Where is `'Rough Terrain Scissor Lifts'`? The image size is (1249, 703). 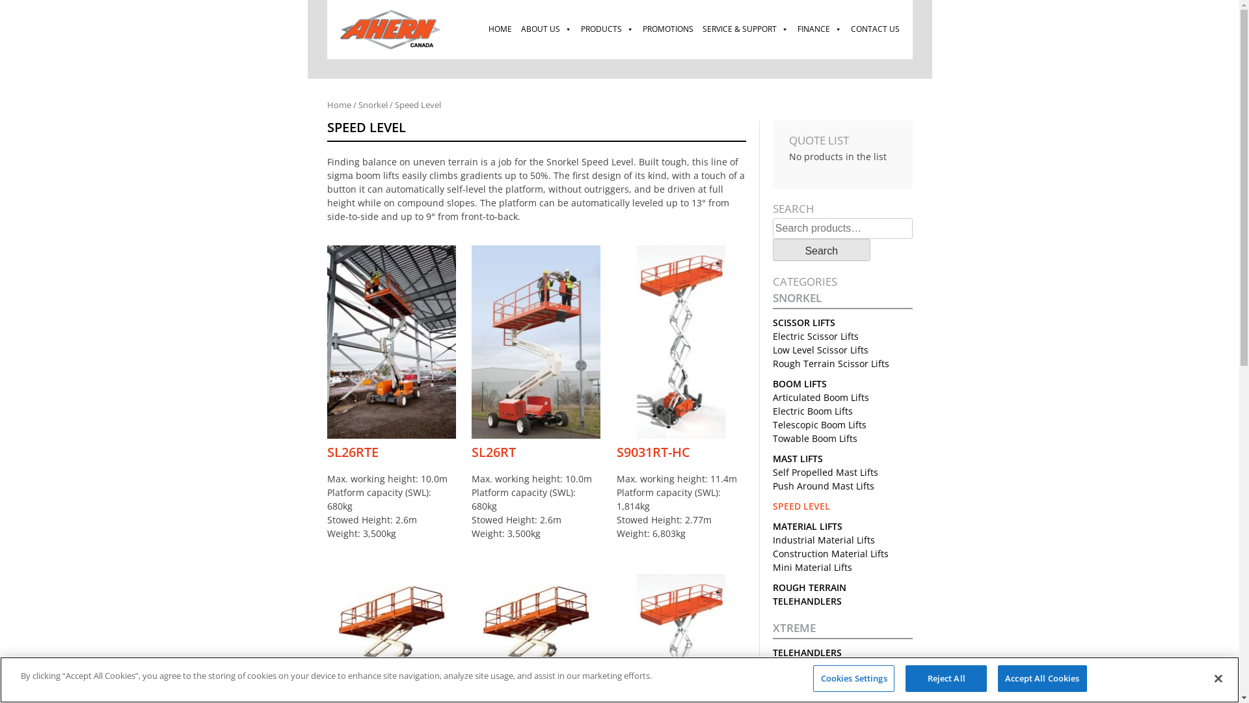 'Rough Terrain Scissor Lifts' is located at coordinates (773, 363).